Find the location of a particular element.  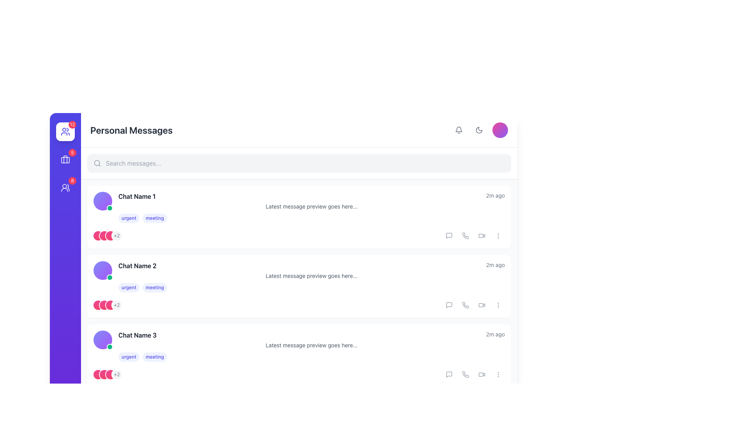

the call button is located at coordinates (466, 374).